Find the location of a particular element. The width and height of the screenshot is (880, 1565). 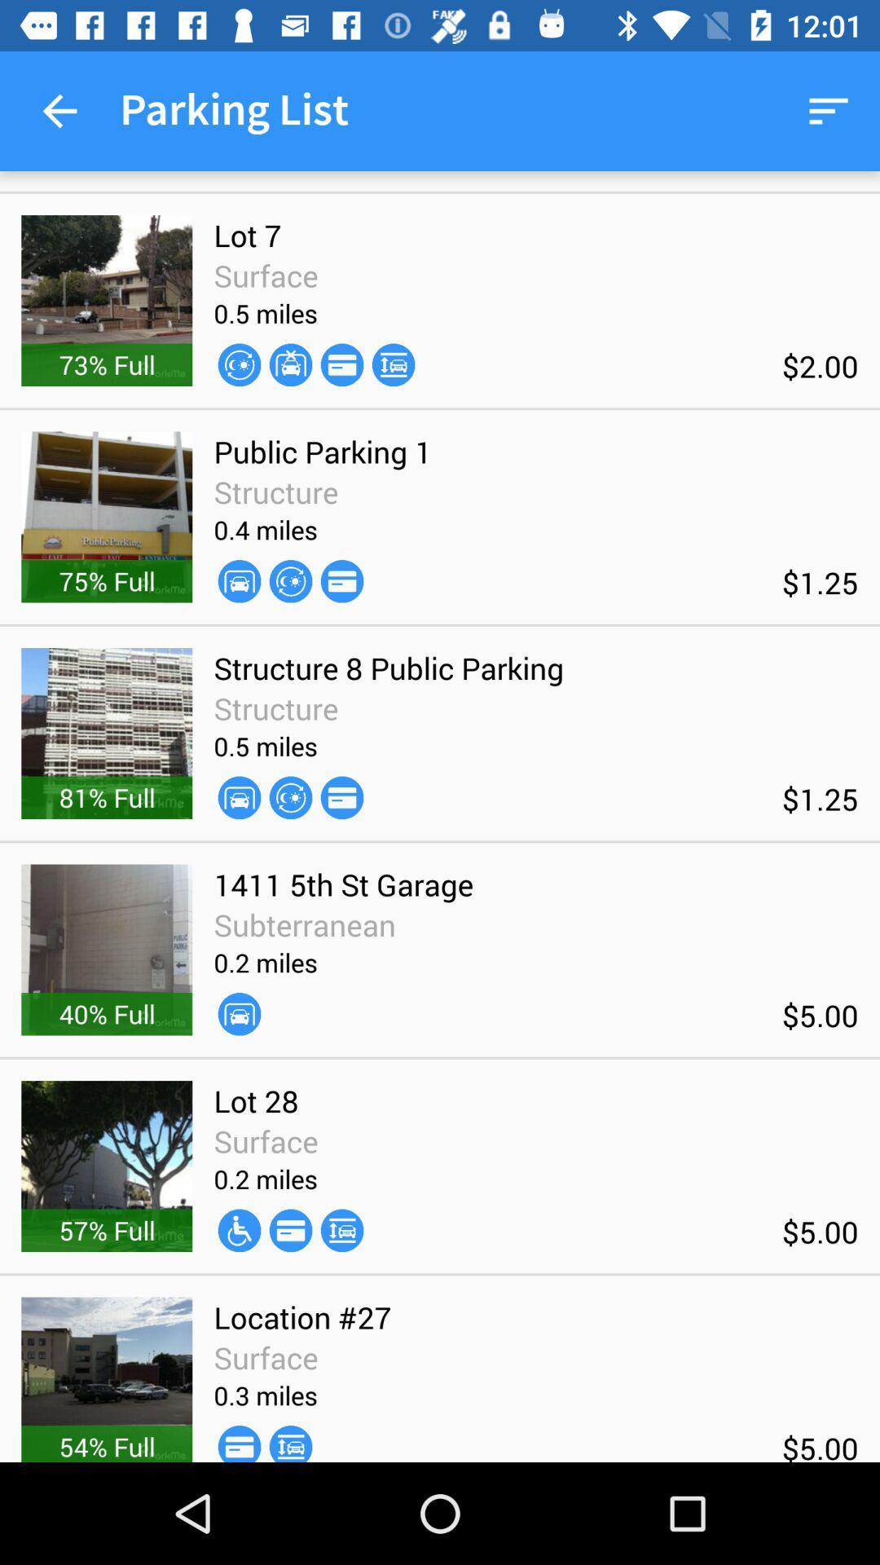

icon above the location #27 is located at coordinates (290, 1230).